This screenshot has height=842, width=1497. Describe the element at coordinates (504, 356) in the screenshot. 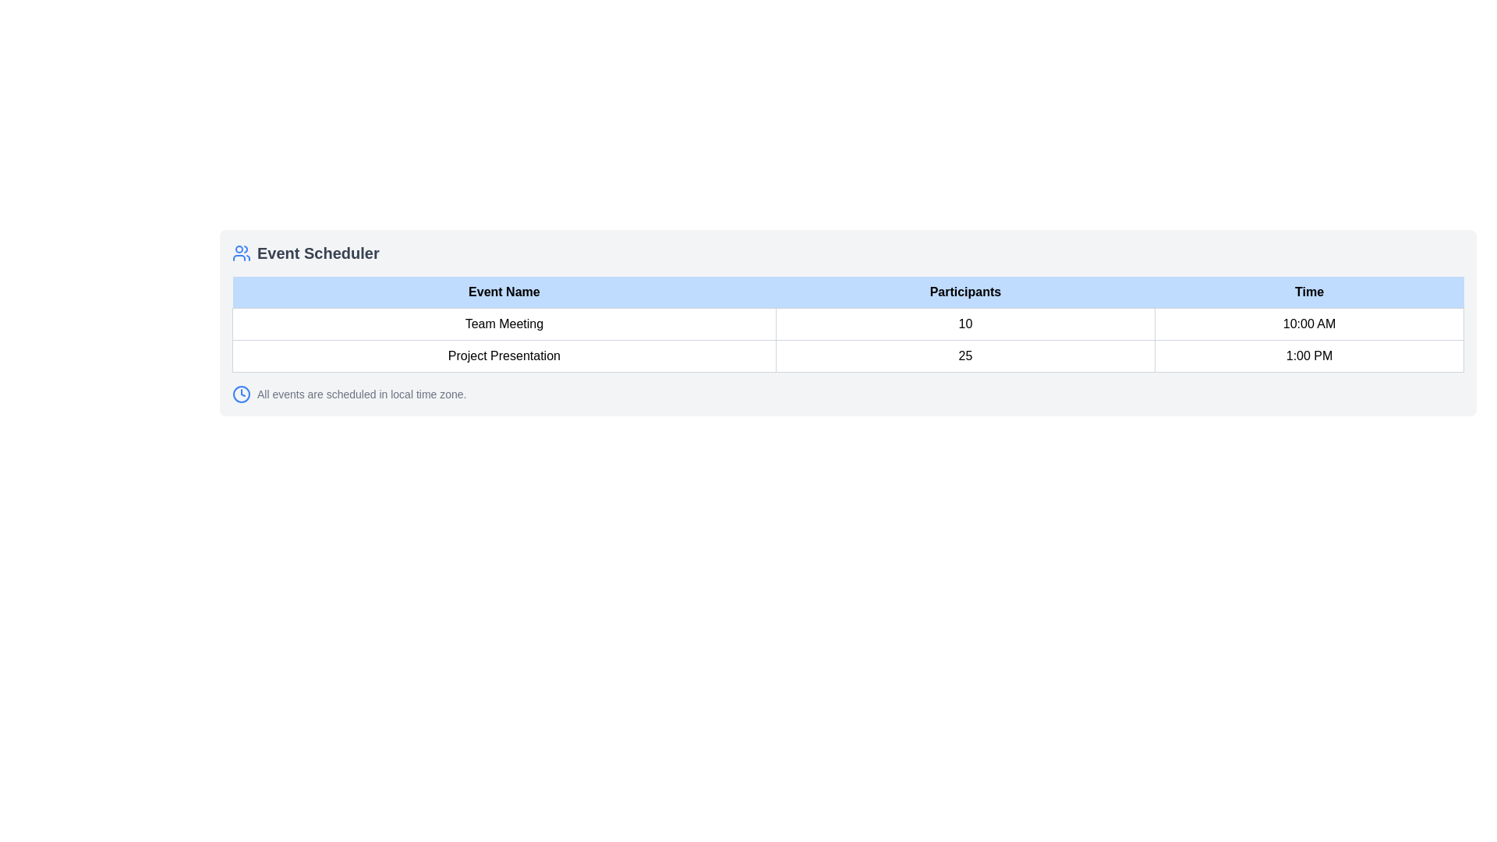

I see `the text label displaying 'Project Presentation' located in the first cell of the 'Event Name' column within the table` at that location.